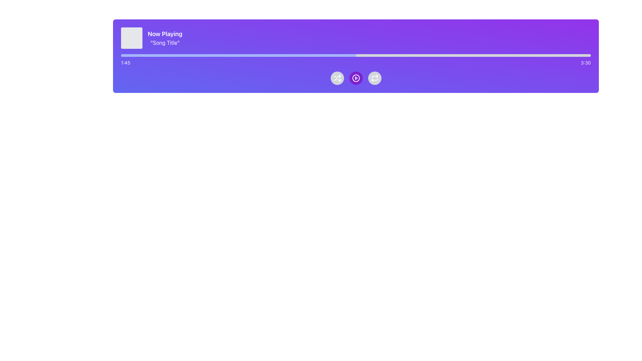 Image resolution: width=642 pixels, height=361 pixels. Describe the element at coordinates (165, 38) in the screenshot. I see `the 'Now Playing' text display element that shows the currently playing song's details, including the song's title` at that location.